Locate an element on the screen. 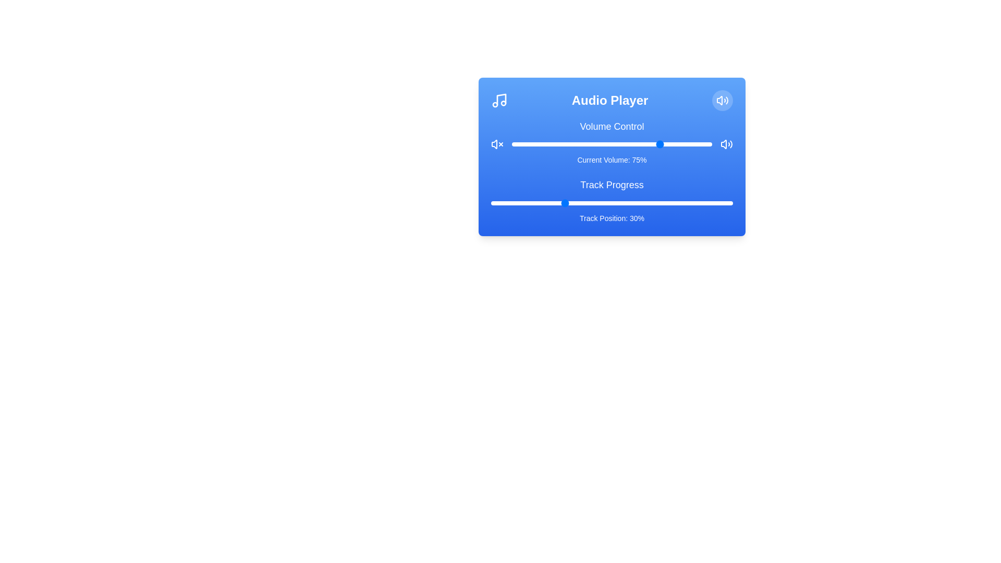 The image size is (1001, 563). the leftmost component of the sound adjustment icon resembling a speaker with sound waves located in the top-right corner of the audio player interface is located at coordinates (719, 100).